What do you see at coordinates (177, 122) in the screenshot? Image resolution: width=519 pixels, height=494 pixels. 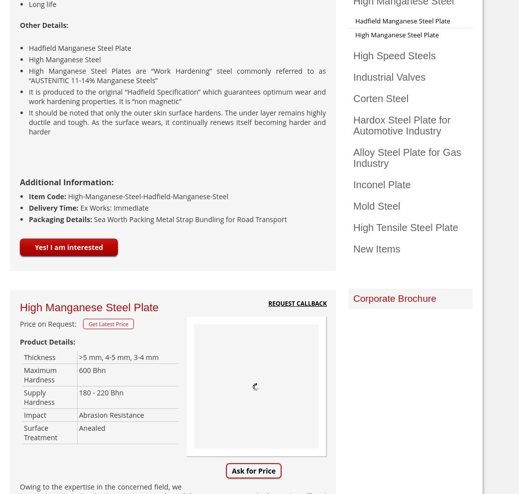 I see `'It should be noted that only the outer skin surface hardens. The under layer remains highly ductile and tough. As the surface wears, it continually renews itself becoming harder and harder'` at bounding box center [177, 122].